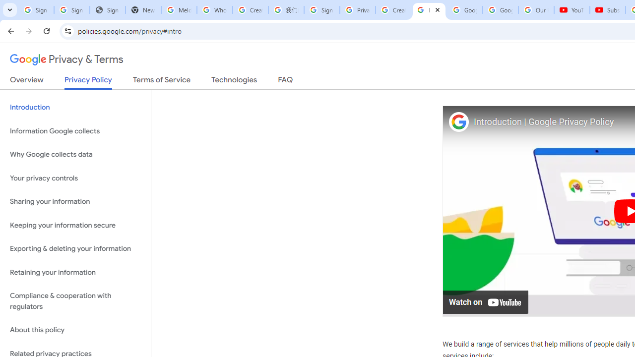 The width and height of the screenshot is (635, 357). Describe the element at coordinates (214, 10) in the screenshot. I see `'Who is my administrator? - Google Account Help'` at that location.